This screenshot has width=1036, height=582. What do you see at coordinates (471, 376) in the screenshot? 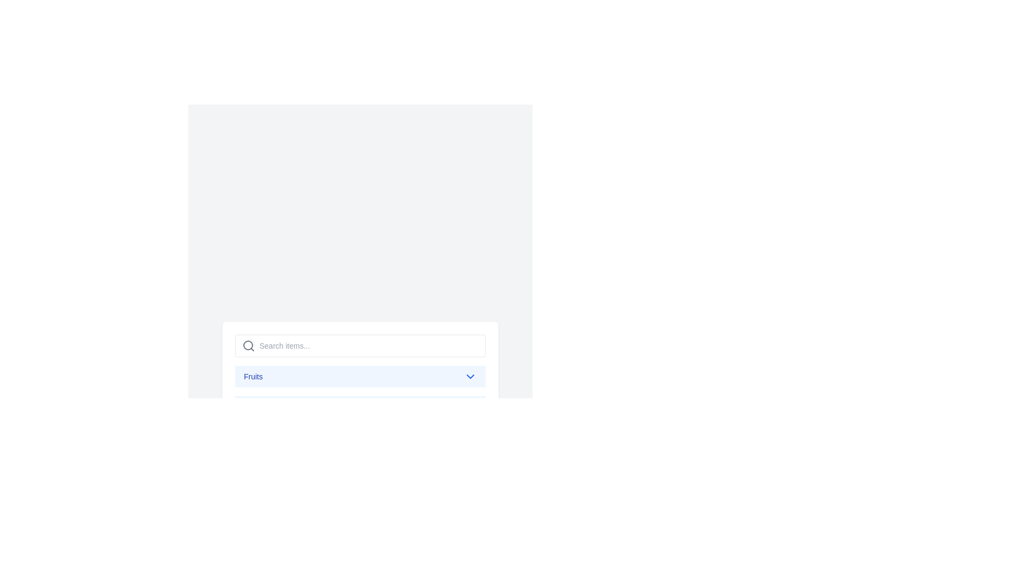
I see `the blue chevron icon at the right end of the 'Fruits' bar` at bounding box center [471, 376].